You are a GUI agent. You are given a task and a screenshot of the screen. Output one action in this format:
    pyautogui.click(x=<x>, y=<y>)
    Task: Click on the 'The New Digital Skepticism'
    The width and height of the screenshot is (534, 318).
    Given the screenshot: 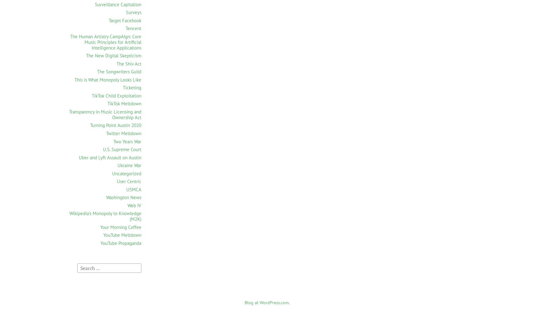 What is the action you would take?
    pyautogui.click(x=113, y=55)
    